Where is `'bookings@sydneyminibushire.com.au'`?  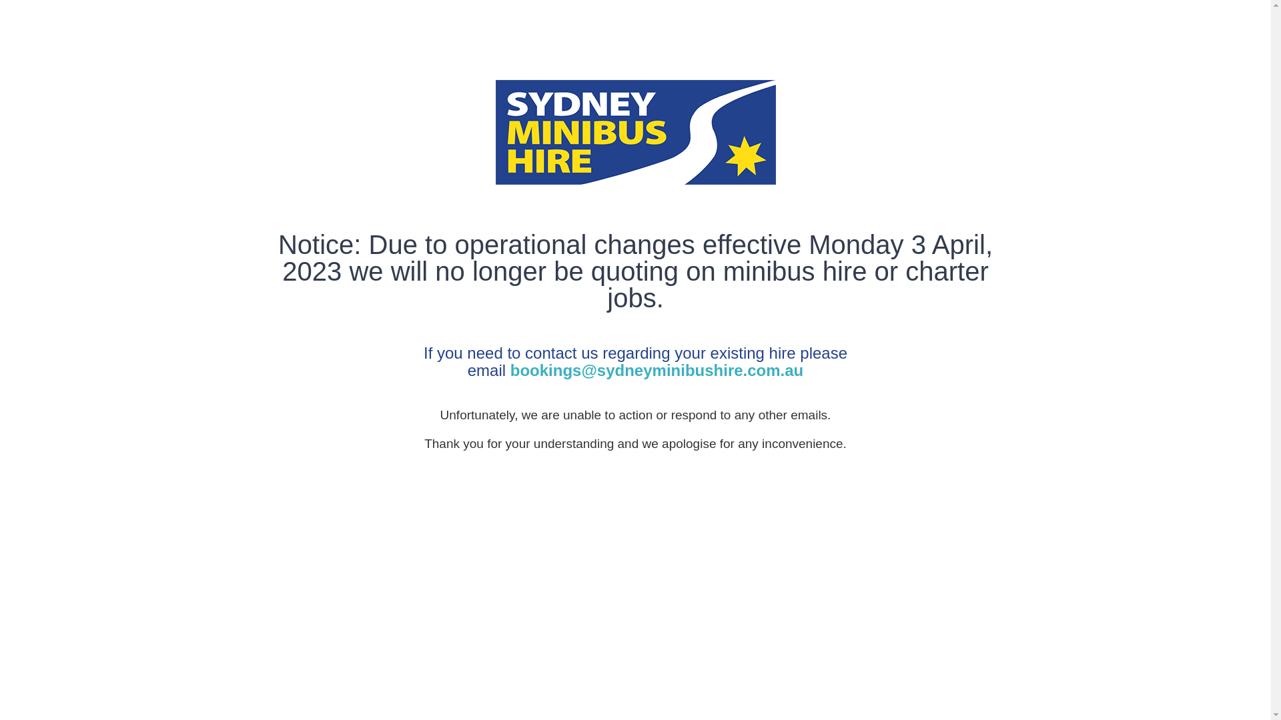 'bookings@sydneyminibushire.com.au' is located at coordinates (657, 370).